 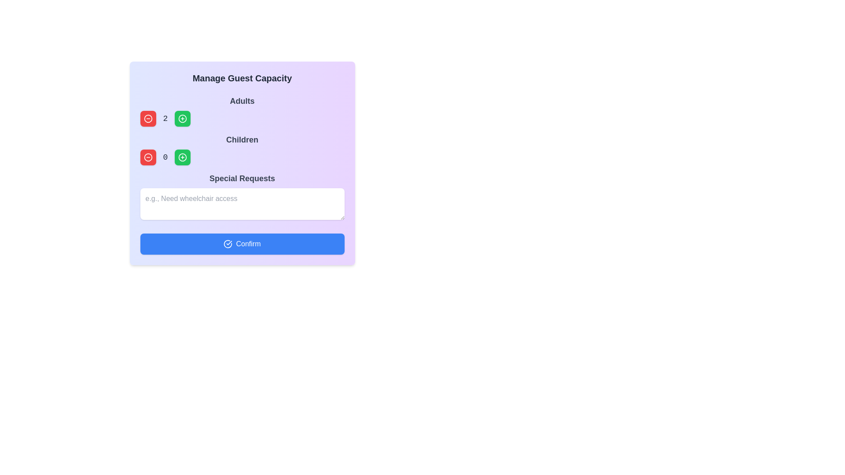 I want to click on the increment button icon for children in the 'Manage Guest Capacity' section, so click(x=182, y=157).